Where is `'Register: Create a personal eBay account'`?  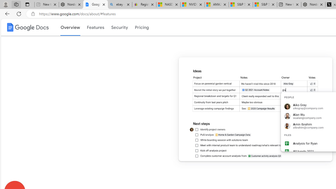 'Register: Create a personal eBay account' is located at coordinates (144, 4).